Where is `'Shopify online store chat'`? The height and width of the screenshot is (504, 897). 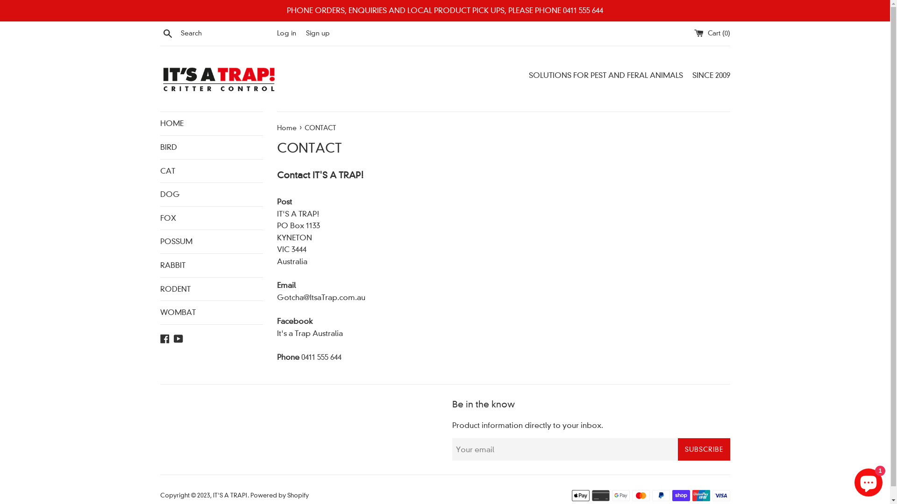
'Shopify online store chat' is located at coordinates (868, 480).